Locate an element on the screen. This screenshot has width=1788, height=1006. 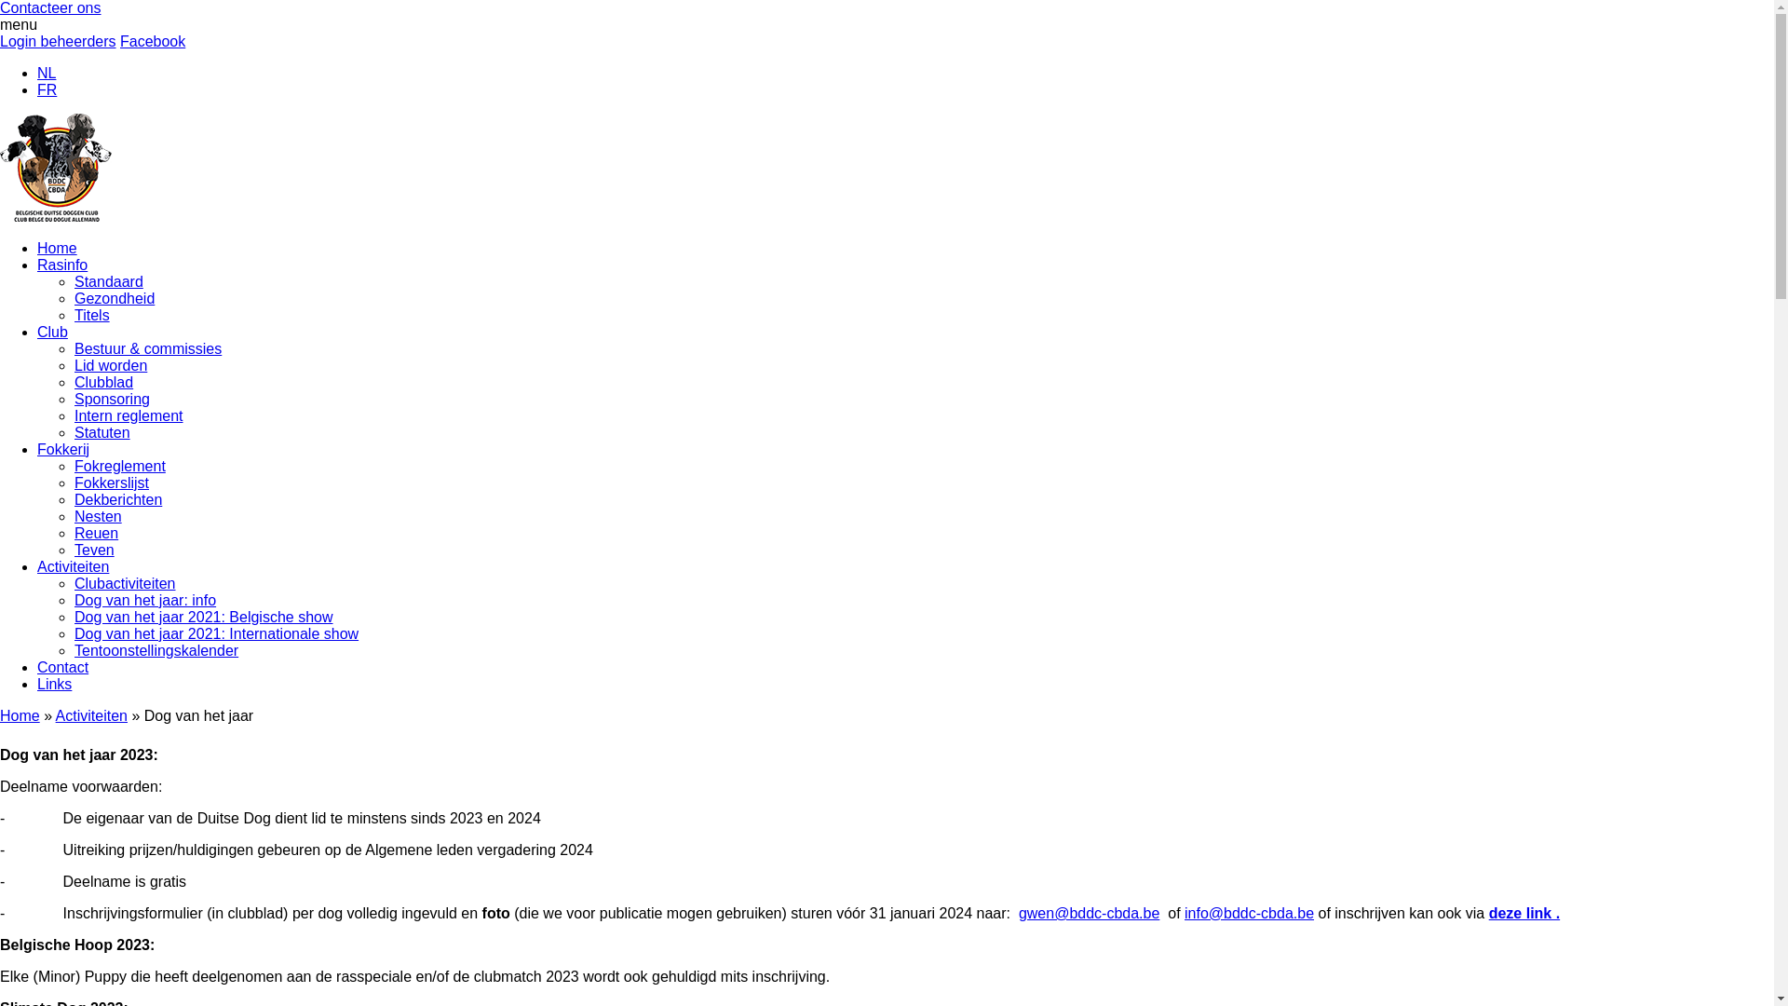
'Dog van het jaar: info' is located at coordinates (74, 600).